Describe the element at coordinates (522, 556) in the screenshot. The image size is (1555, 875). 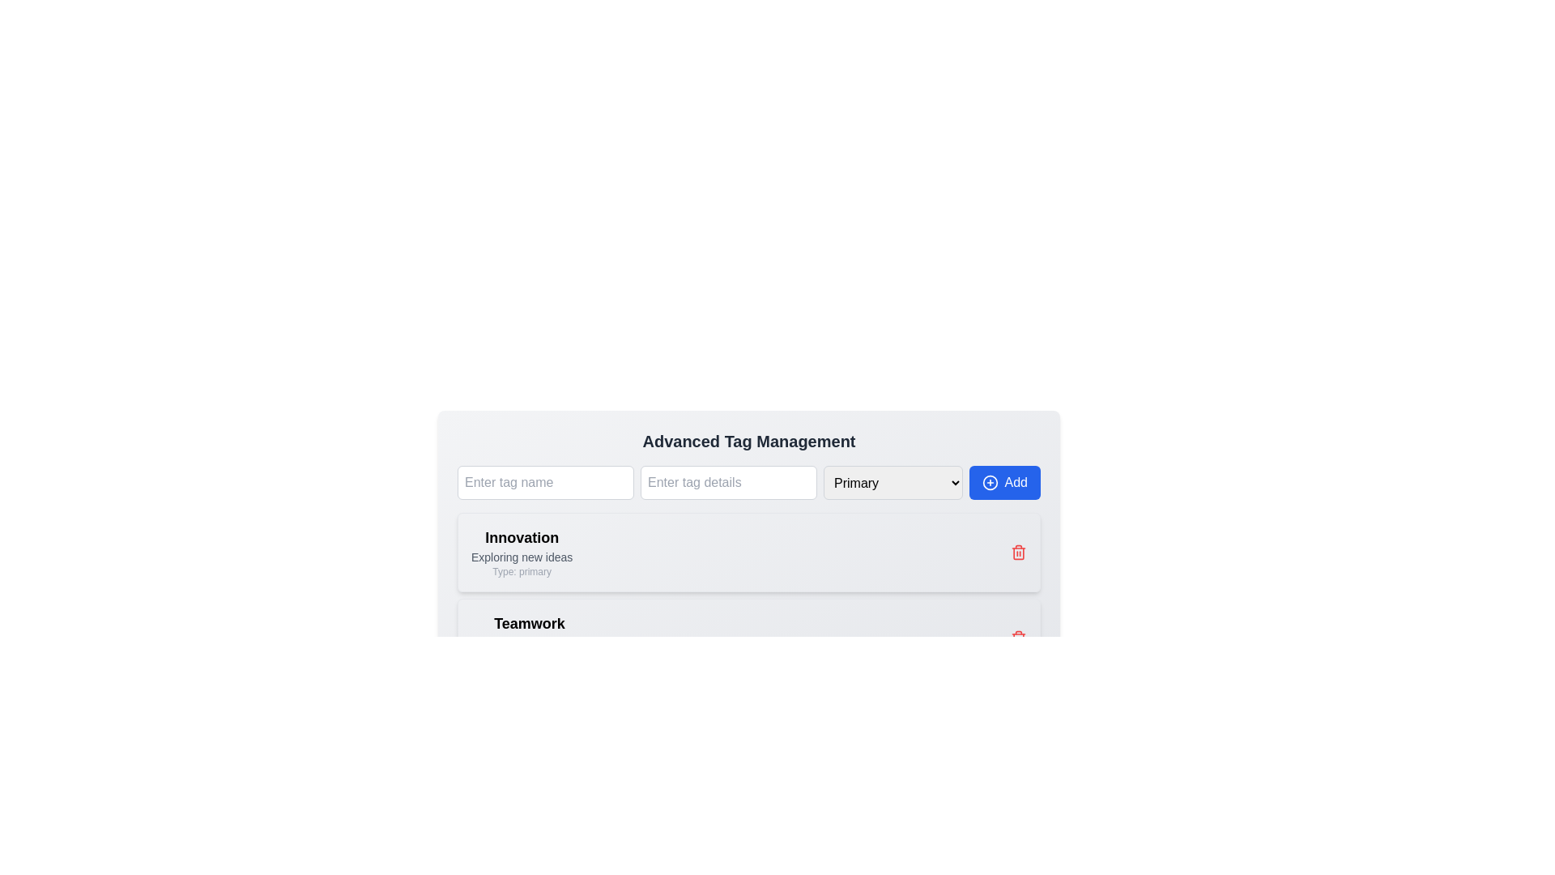
I see `the text label that reads 'Exploring new ideas', which is styled with a small font size and gray color, located below the heading 'Innovation' and above the text 'Type: primary'` at that location.